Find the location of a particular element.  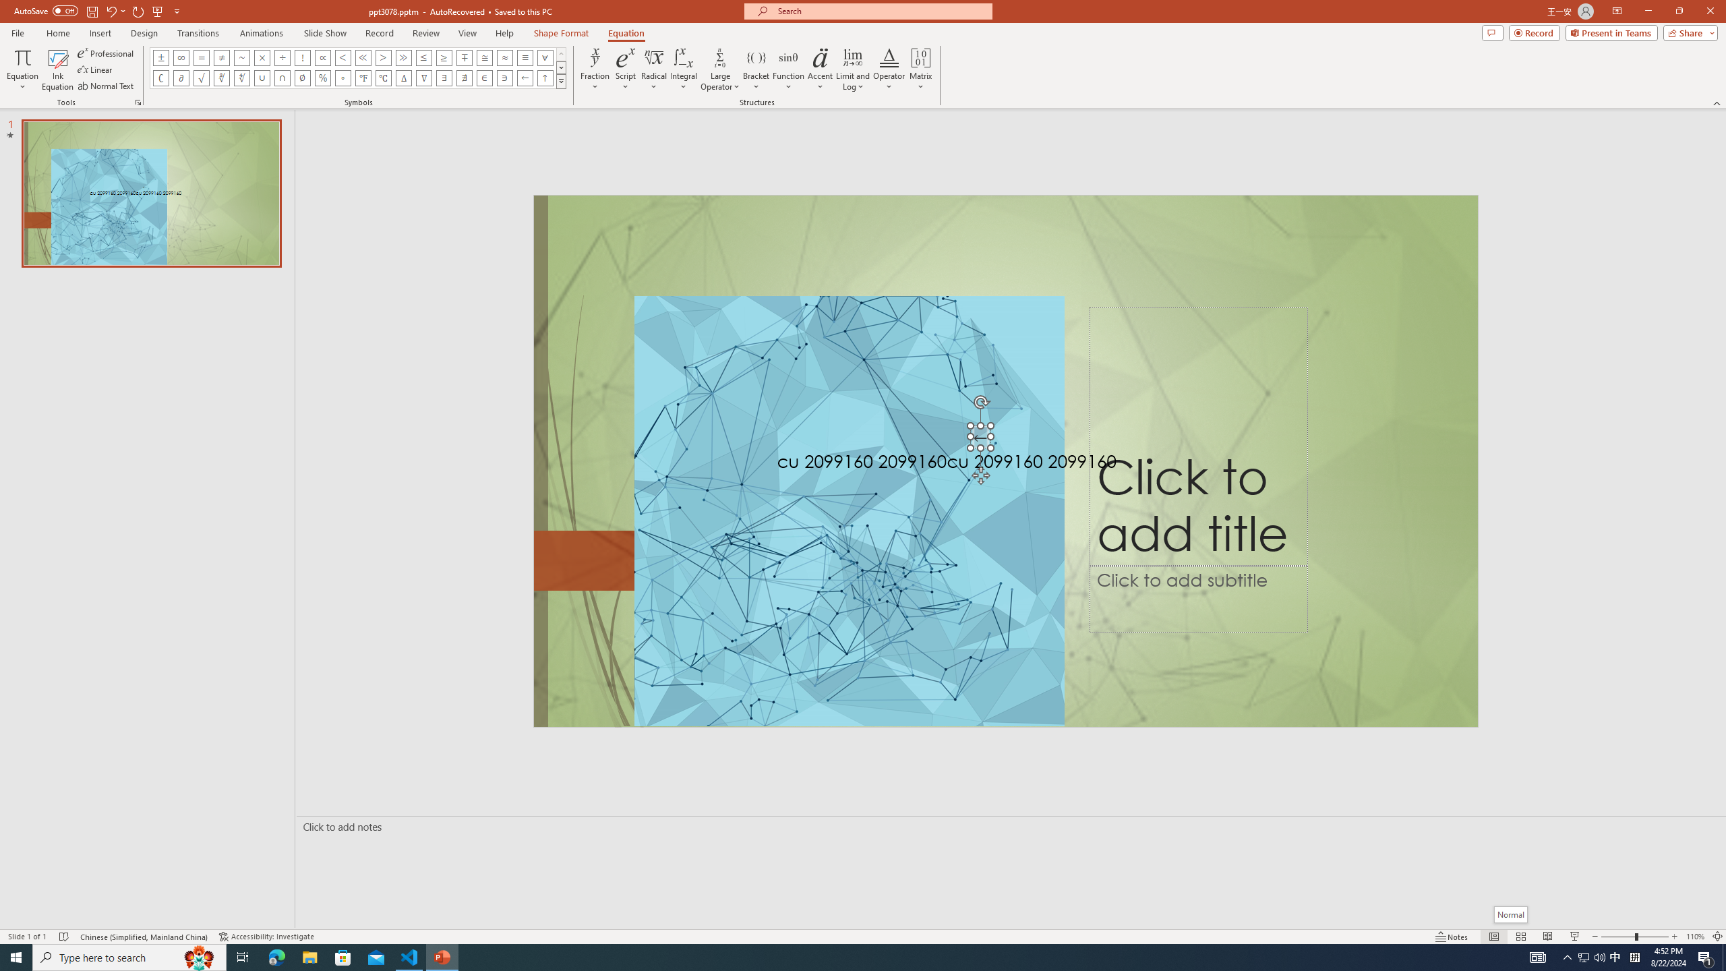

'Equation Symbol Proportional To' is located at coordinates (322, 57).